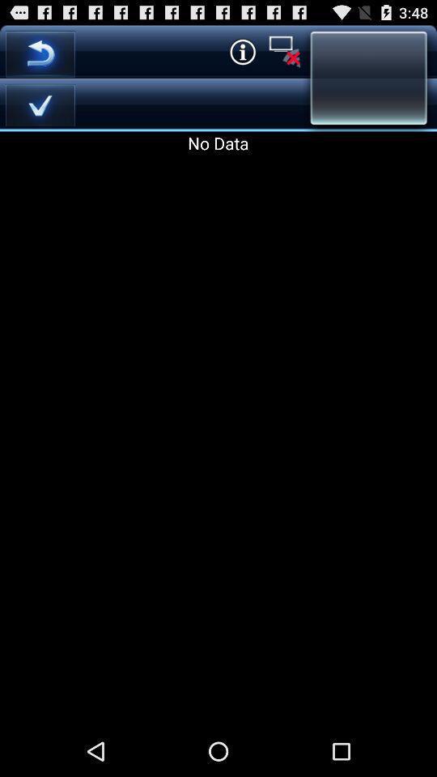 This screenshot has height=777, width=437. What do you see at coordinates (40, 57) in the screenshot?
I see `the undo icon` at bounding box center [40, 57].